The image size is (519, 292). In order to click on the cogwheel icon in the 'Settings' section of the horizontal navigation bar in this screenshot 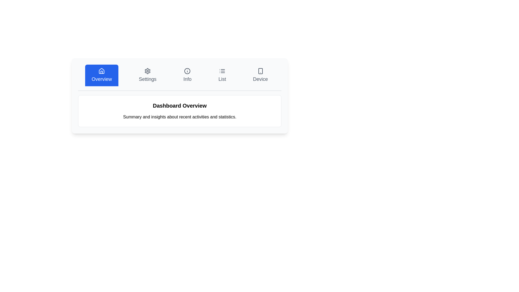, I will do `click(148, 71)`.